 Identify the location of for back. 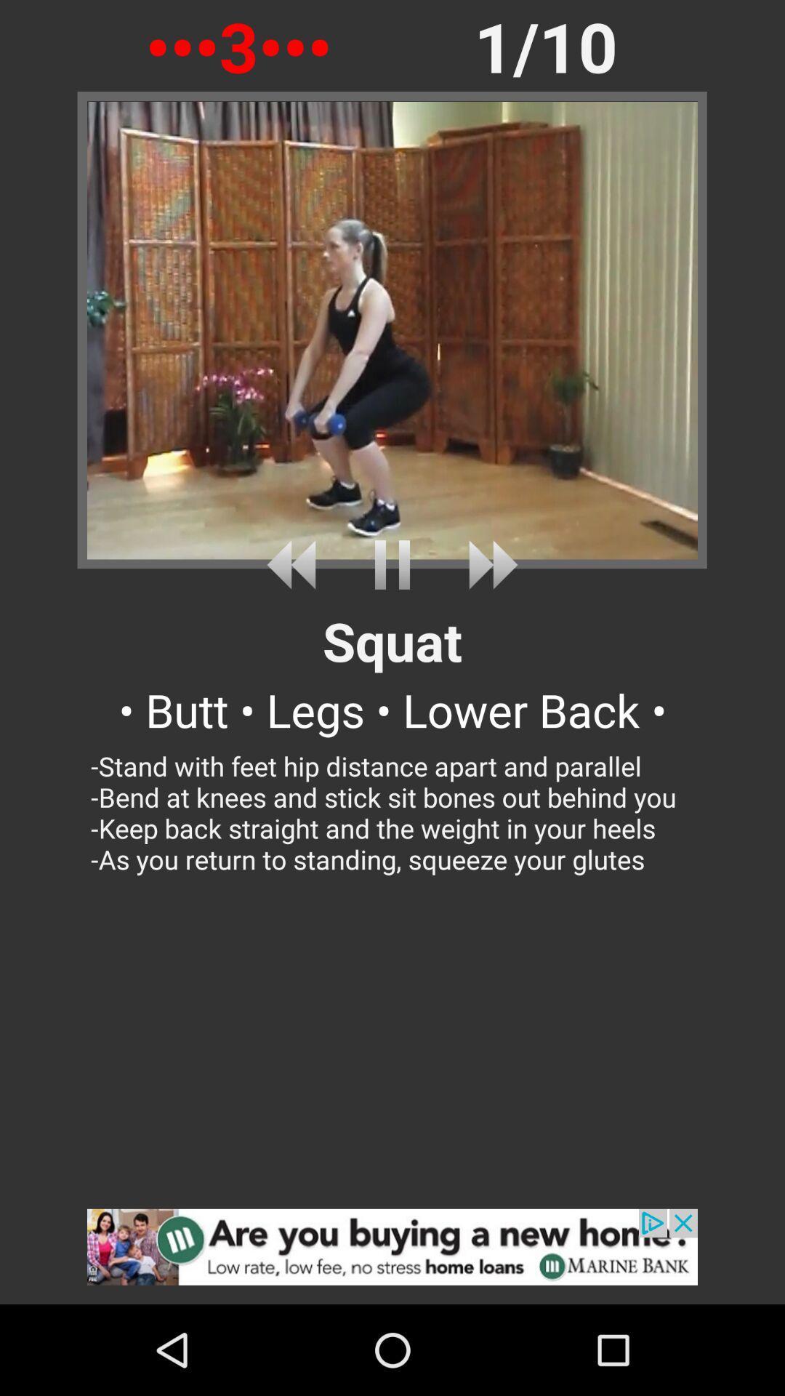
(296, 564).